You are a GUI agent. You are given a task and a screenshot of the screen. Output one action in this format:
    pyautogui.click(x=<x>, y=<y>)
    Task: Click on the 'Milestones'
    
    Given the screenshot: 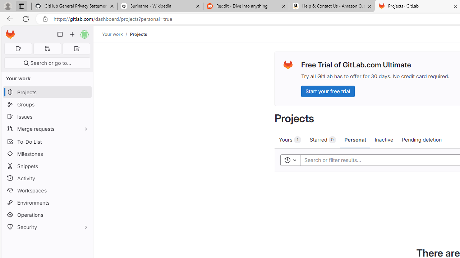 What is the action you would take?
    pyautogui.click(x=47, y=153)
    